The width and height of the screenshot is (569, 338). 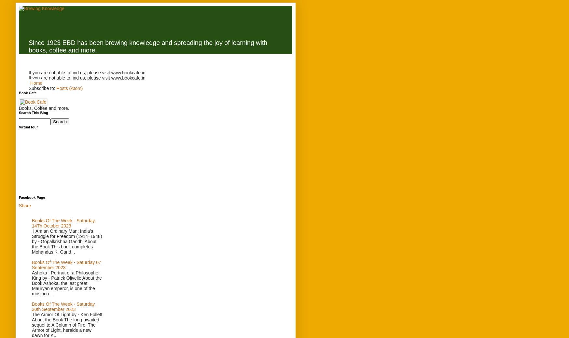 I want to click on 'Books Of The Week - Saturday, 14Th October 2023', so click(x=63, y=223).